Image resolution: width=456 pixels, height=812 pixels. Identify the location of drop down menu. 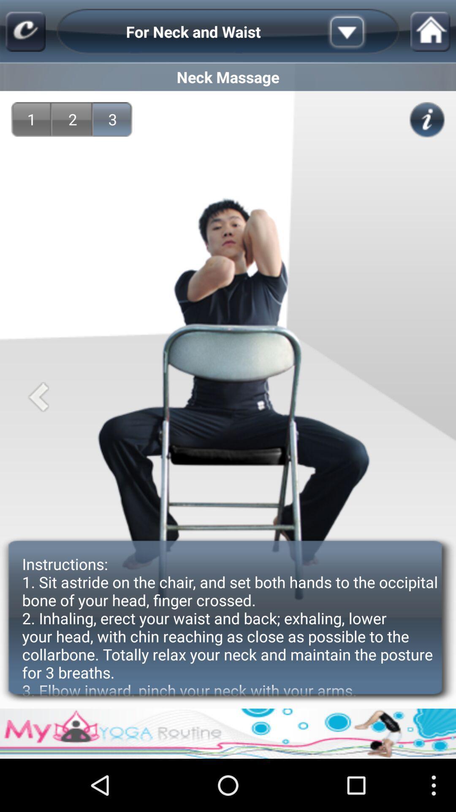
(360, 32).